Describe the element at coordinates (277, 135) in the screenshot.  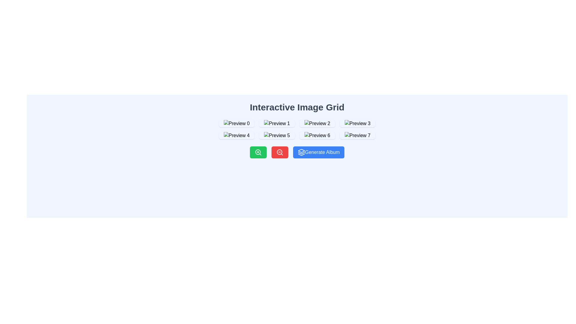
I see `the image preview element labeled 'Preview 5', which is the second element in the second row of a grid layout containing image thumbnails` at that location.